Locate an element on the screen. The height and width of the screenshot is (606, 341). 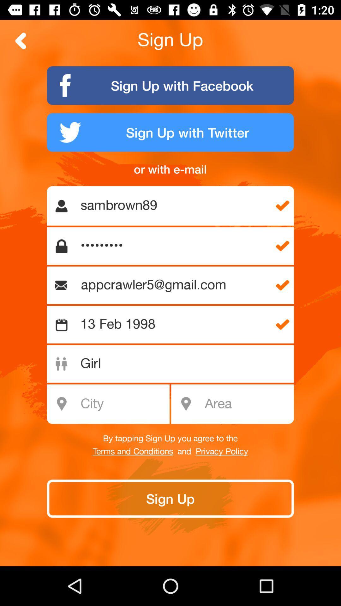
the text field which is below or with email is located at coordinates (174, 206).